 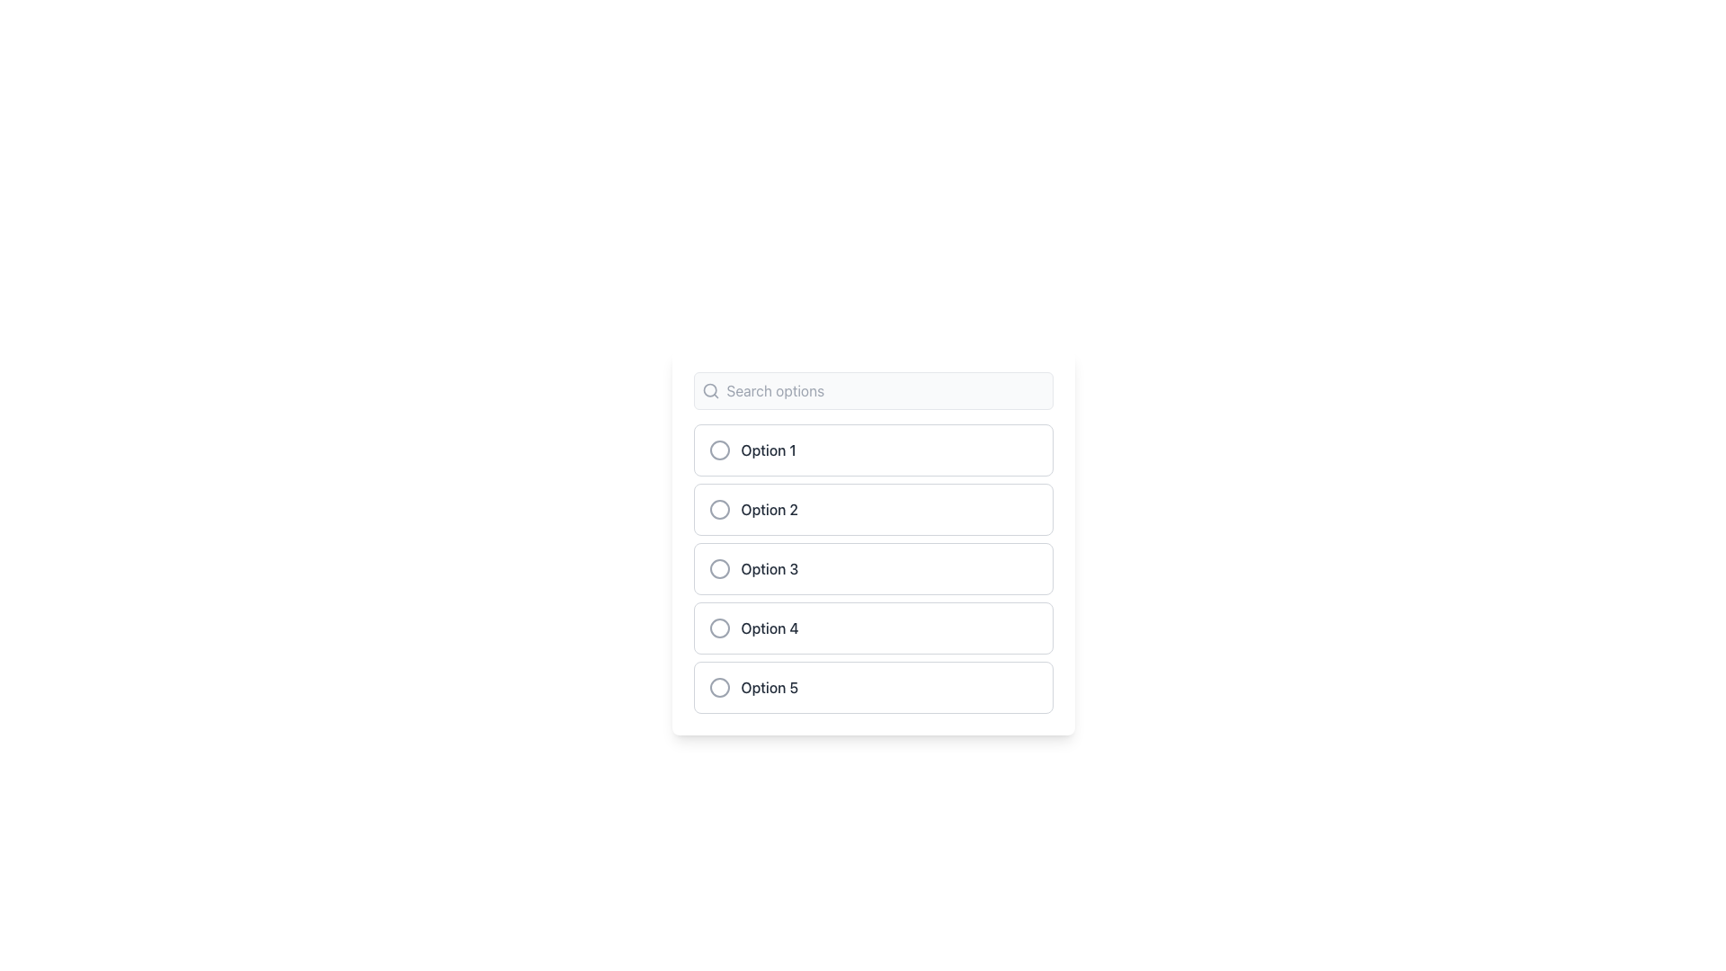 What do you see at coordinates (719, 568) in the screenshot?
I see `the circular radio button adjacent to the label 'Option 3' to focus on it` at bounding box center [719, 568].